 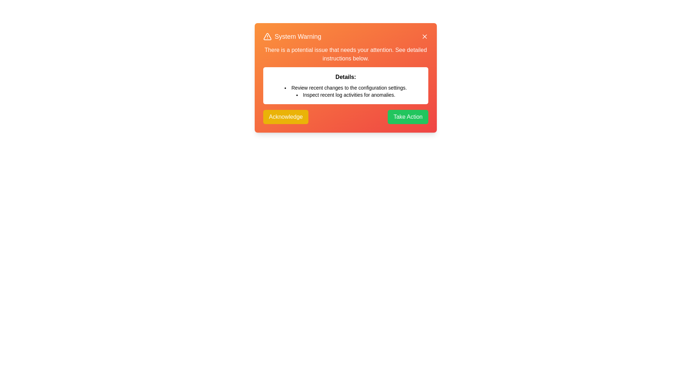 I want to click on the alert icon located at the upper left corner of the warning modal, adjacent to the 'System Warning' text, so click(x=267, y=37).